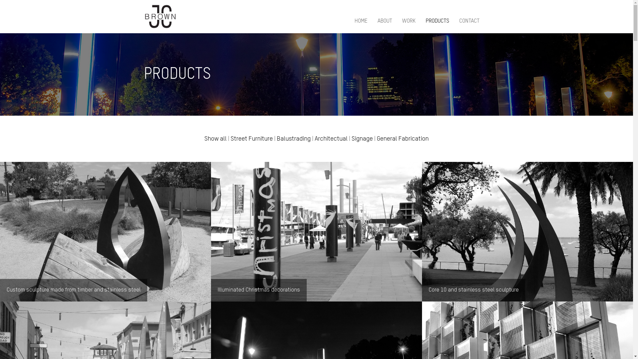  Describe the element at coordinates (331, 138) in the screenshot. I see `'Architectual'` at that location.